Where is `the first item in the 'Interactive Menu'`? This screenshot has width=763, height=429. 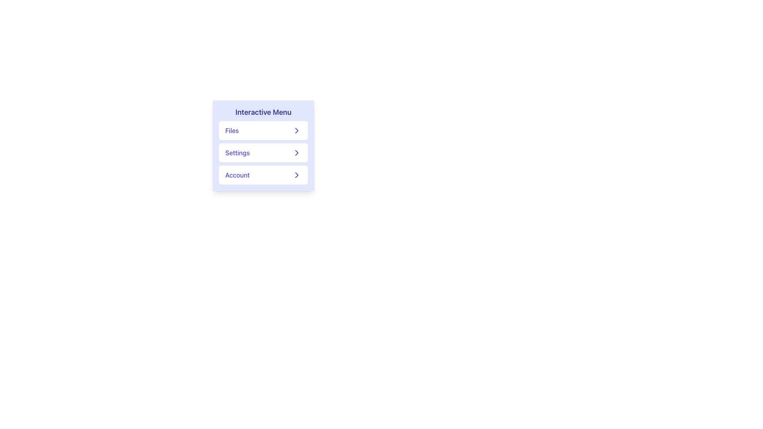
the first item in the 'Interactive Menu' is located at coordinates (263, 130).